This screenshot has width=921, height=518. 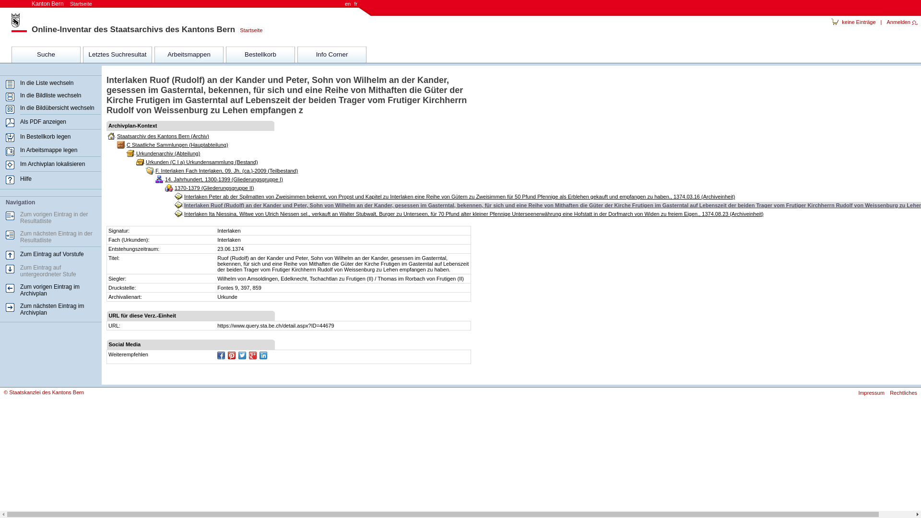 What do you see at coordinates (352, 3) in the screenshot?
I see `'fr'` at bounding box center [352, 3].